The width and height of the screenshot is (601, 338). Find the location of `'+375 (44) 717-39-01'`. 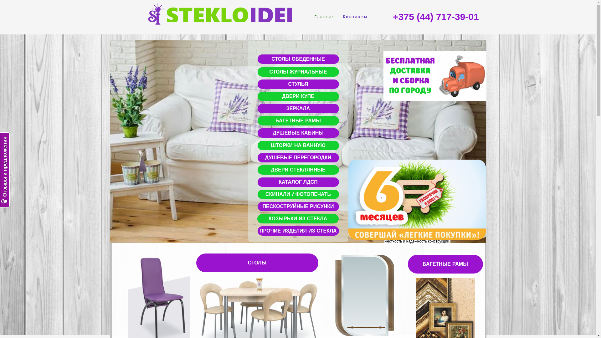

'+375 (44) 717-39-01' is located at coordinates (435, 17).